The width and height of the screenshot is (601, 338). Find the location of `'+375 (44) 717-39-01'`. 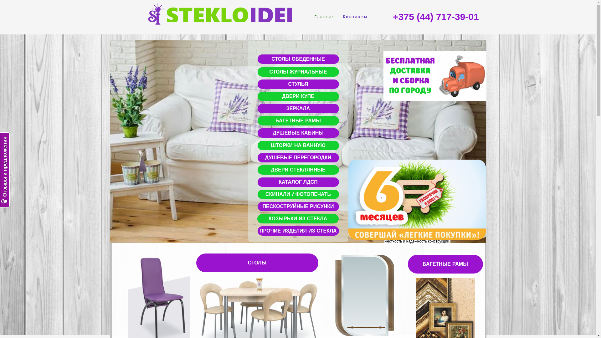

'+375 (44) 717-39-01' is located at coordinates (435, 17).